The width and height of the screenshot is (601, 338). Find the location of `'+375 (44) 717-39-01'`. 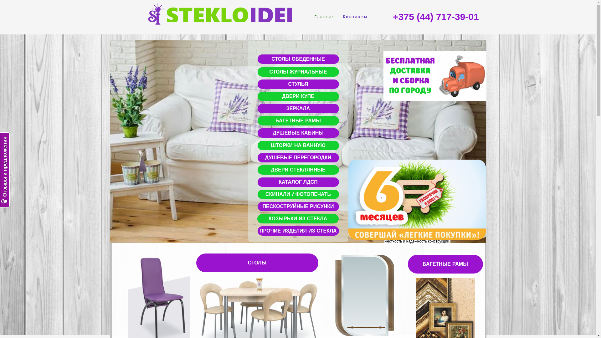

'+375 (44) 717-39-01' is located at coordinates (435, 17).